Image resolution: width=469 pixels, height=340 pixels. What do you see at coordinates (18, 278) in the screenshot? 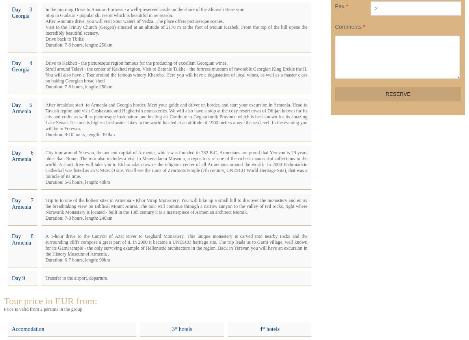
I see `'Day 9'` at bounding box center [18, 278].